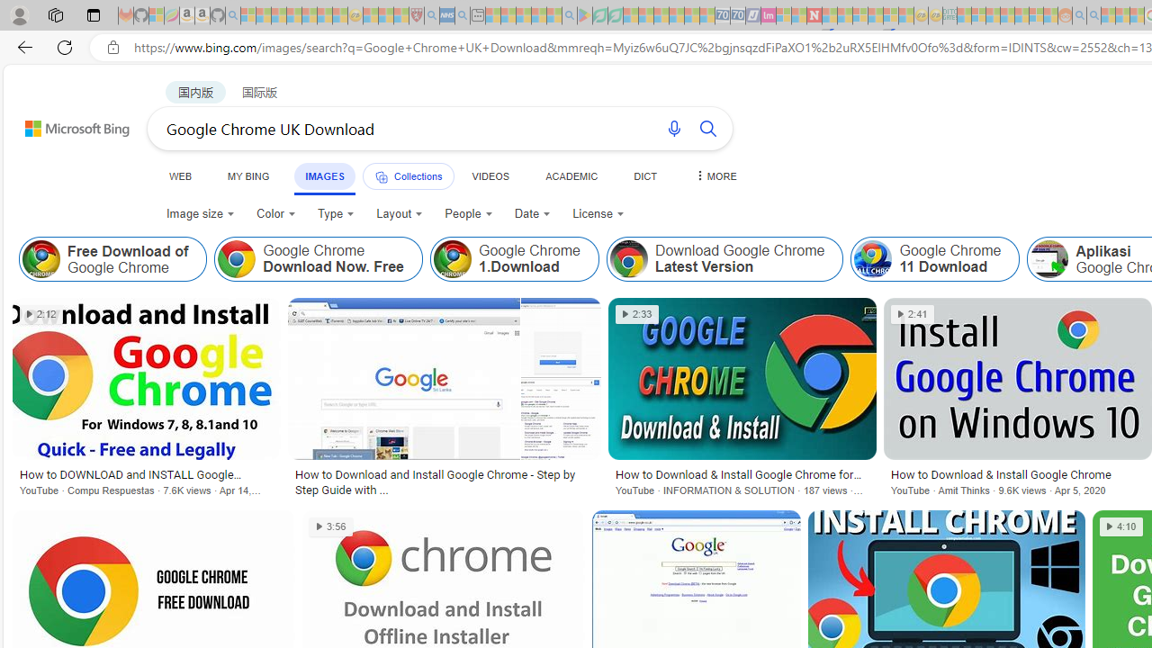  Describe the element at coordinates (399, 212) in the screenshot. I see `'Layout'` at that location.